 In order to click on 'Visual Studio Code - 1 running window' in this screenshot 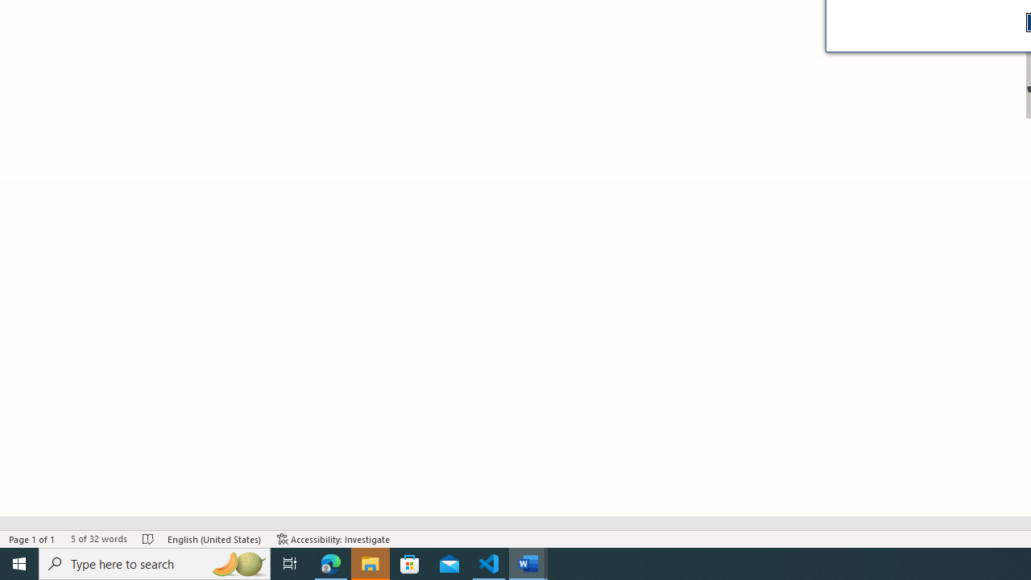, I will do `click(488, 562)`.